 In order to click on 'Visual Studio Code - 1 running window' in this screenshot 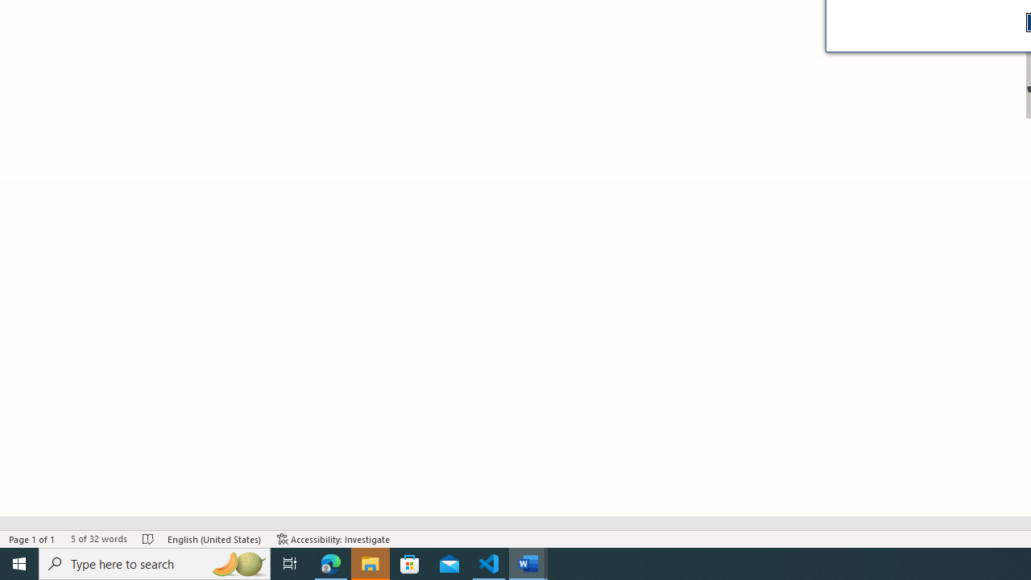, I will do `click(488, 562)`.